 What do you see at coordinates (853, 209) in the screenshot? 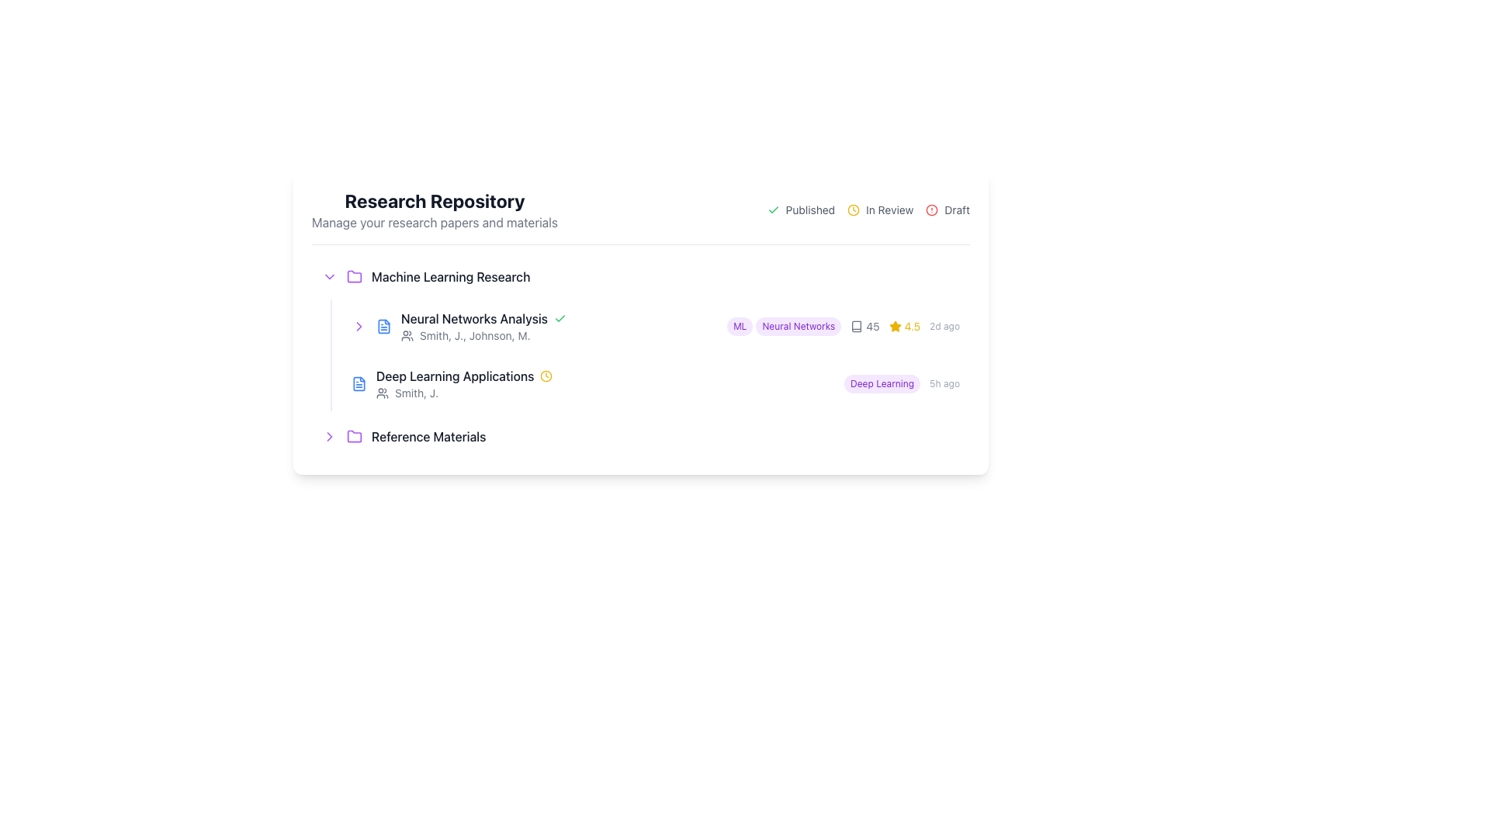
I see `the 'In Review' status icon, which is a clock symbol located in the top-right corner of the interface, near the text 'In Review'` at bounding box center [853, 209].